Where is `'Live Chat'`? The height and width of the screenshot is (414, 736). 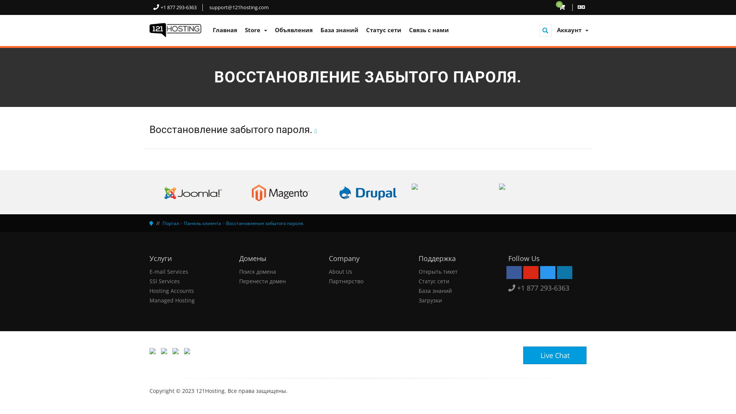
'Live Chat' is located at coordinates (555, 355).